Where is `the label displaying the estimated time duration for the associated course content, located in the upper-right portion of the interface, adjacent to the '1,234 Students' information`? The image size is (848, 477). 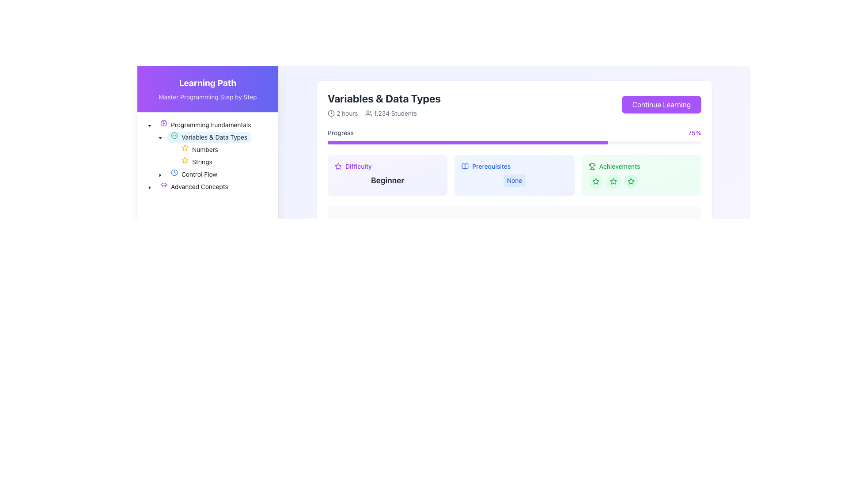
the label displaying the estimated time duration for the associated course content, located in the upper-right portion of the interface, adjacent to the '1,234 Students' information is located at coordinates (342, 113).